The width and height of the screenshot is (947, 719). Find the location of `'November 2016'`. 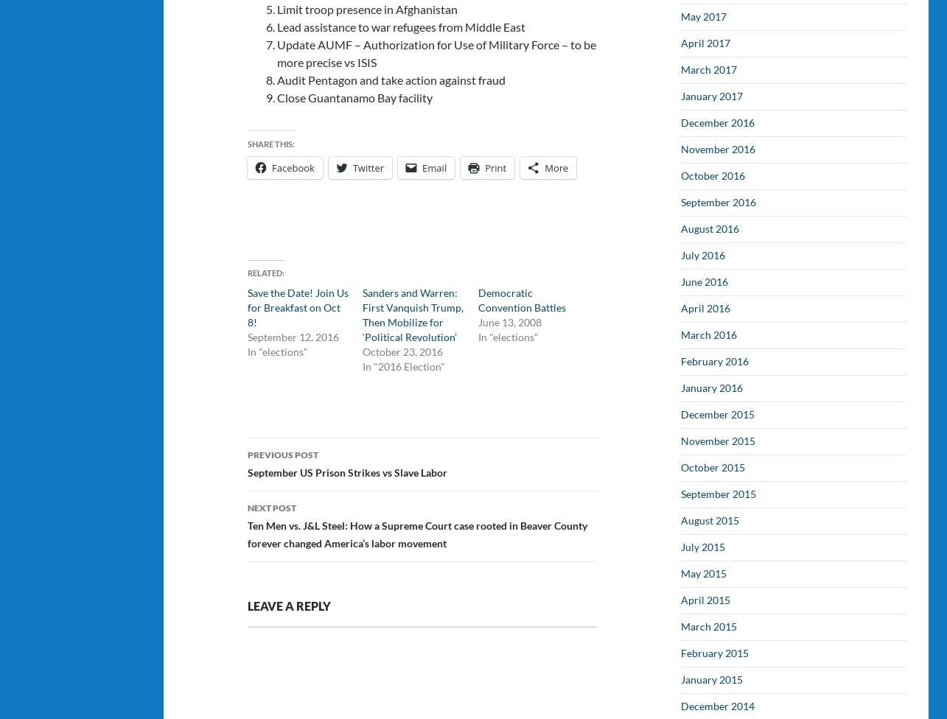

'November 2016' is located at coordinates (718, 148).